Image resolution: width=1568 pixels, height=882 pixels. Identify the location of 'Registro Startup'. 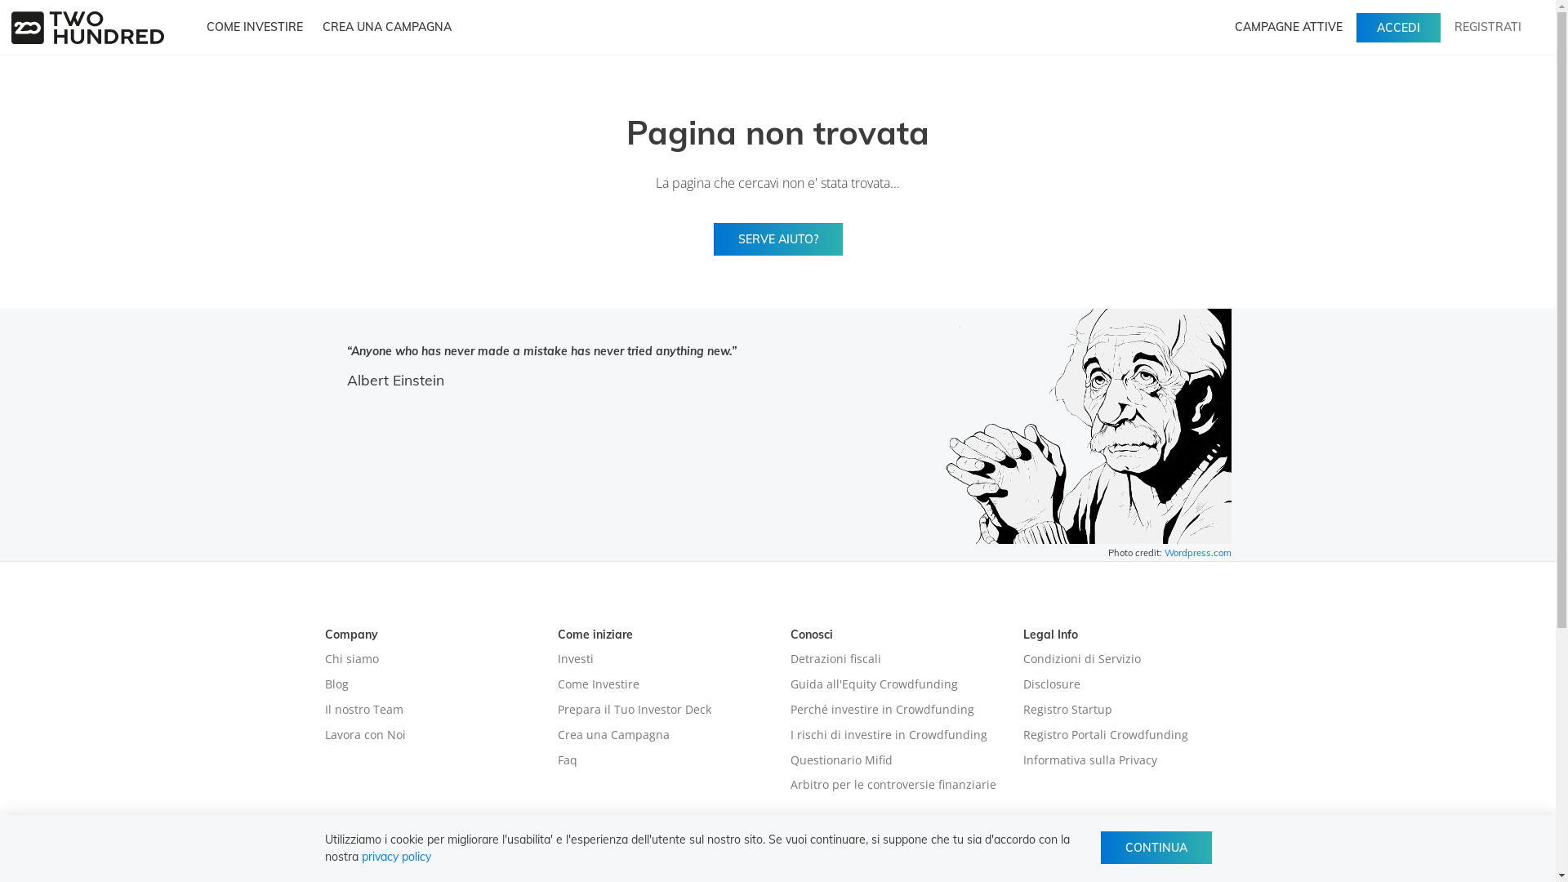
(1022, 708).